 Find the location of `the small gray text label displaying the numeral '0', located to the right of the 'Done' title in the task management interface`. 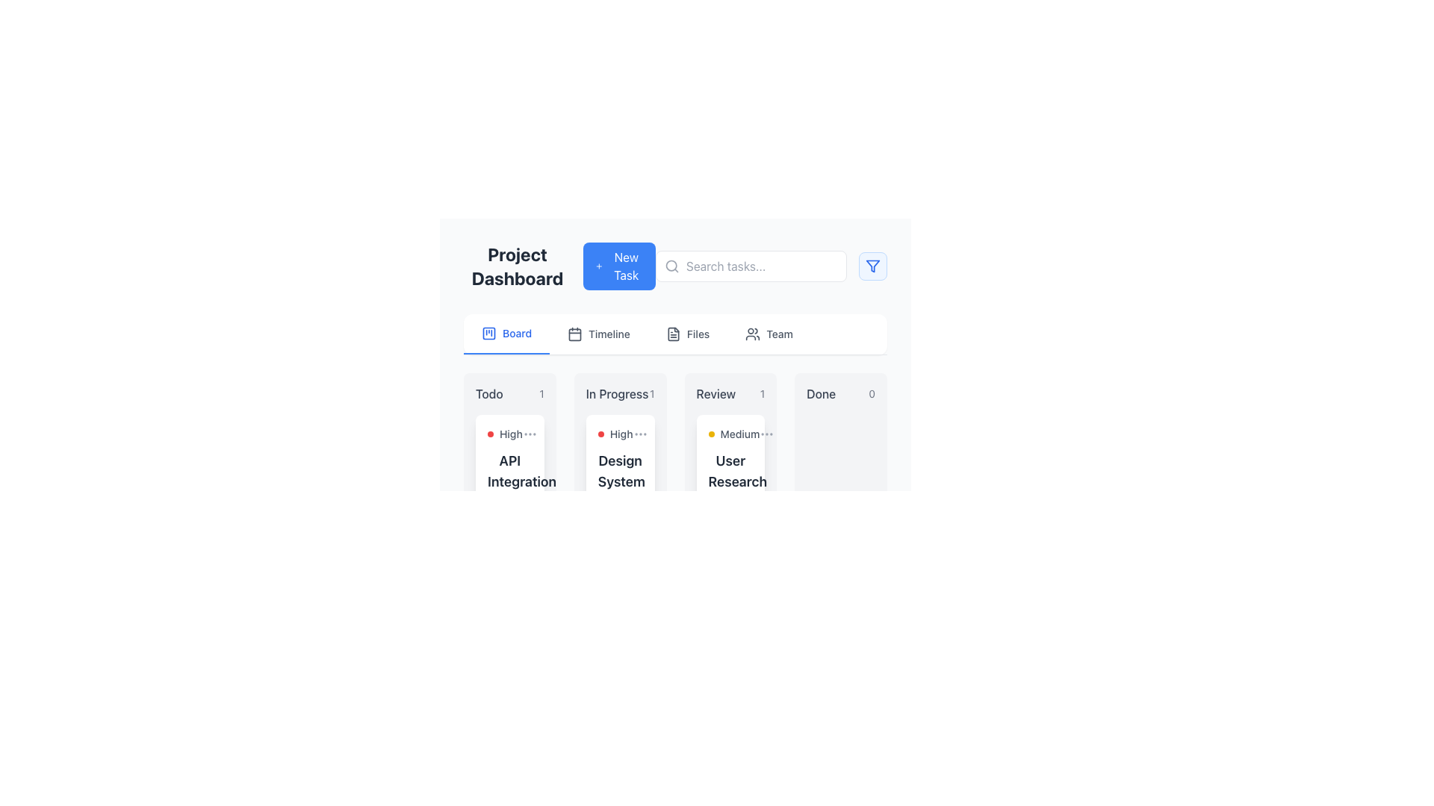

the small gray text label displaying the numeral '0', located to the right of the 'Done' title in the task management interface is located at coordinates (872, 393).